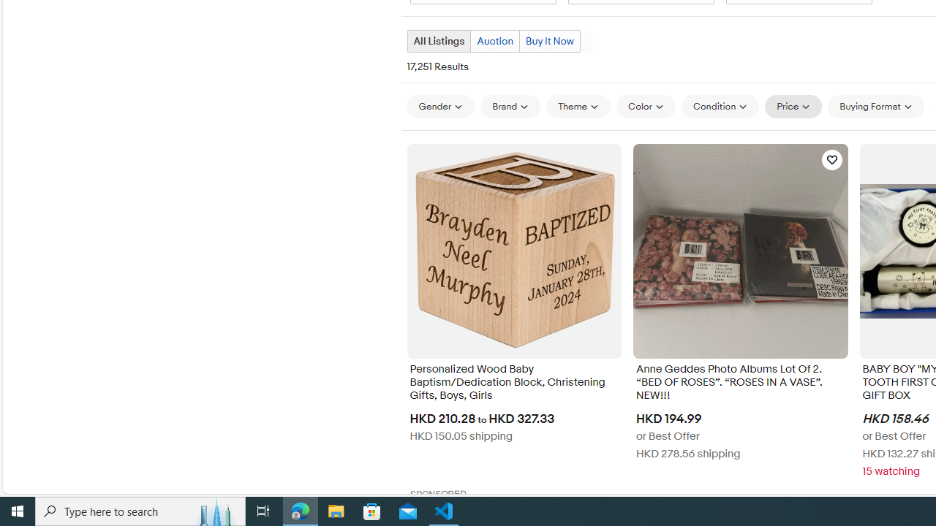 The height and width of the screenshot is (526, 936). Describe the element at coordinates (645, 106) in the screenshot. I see `'Color'` at that location.